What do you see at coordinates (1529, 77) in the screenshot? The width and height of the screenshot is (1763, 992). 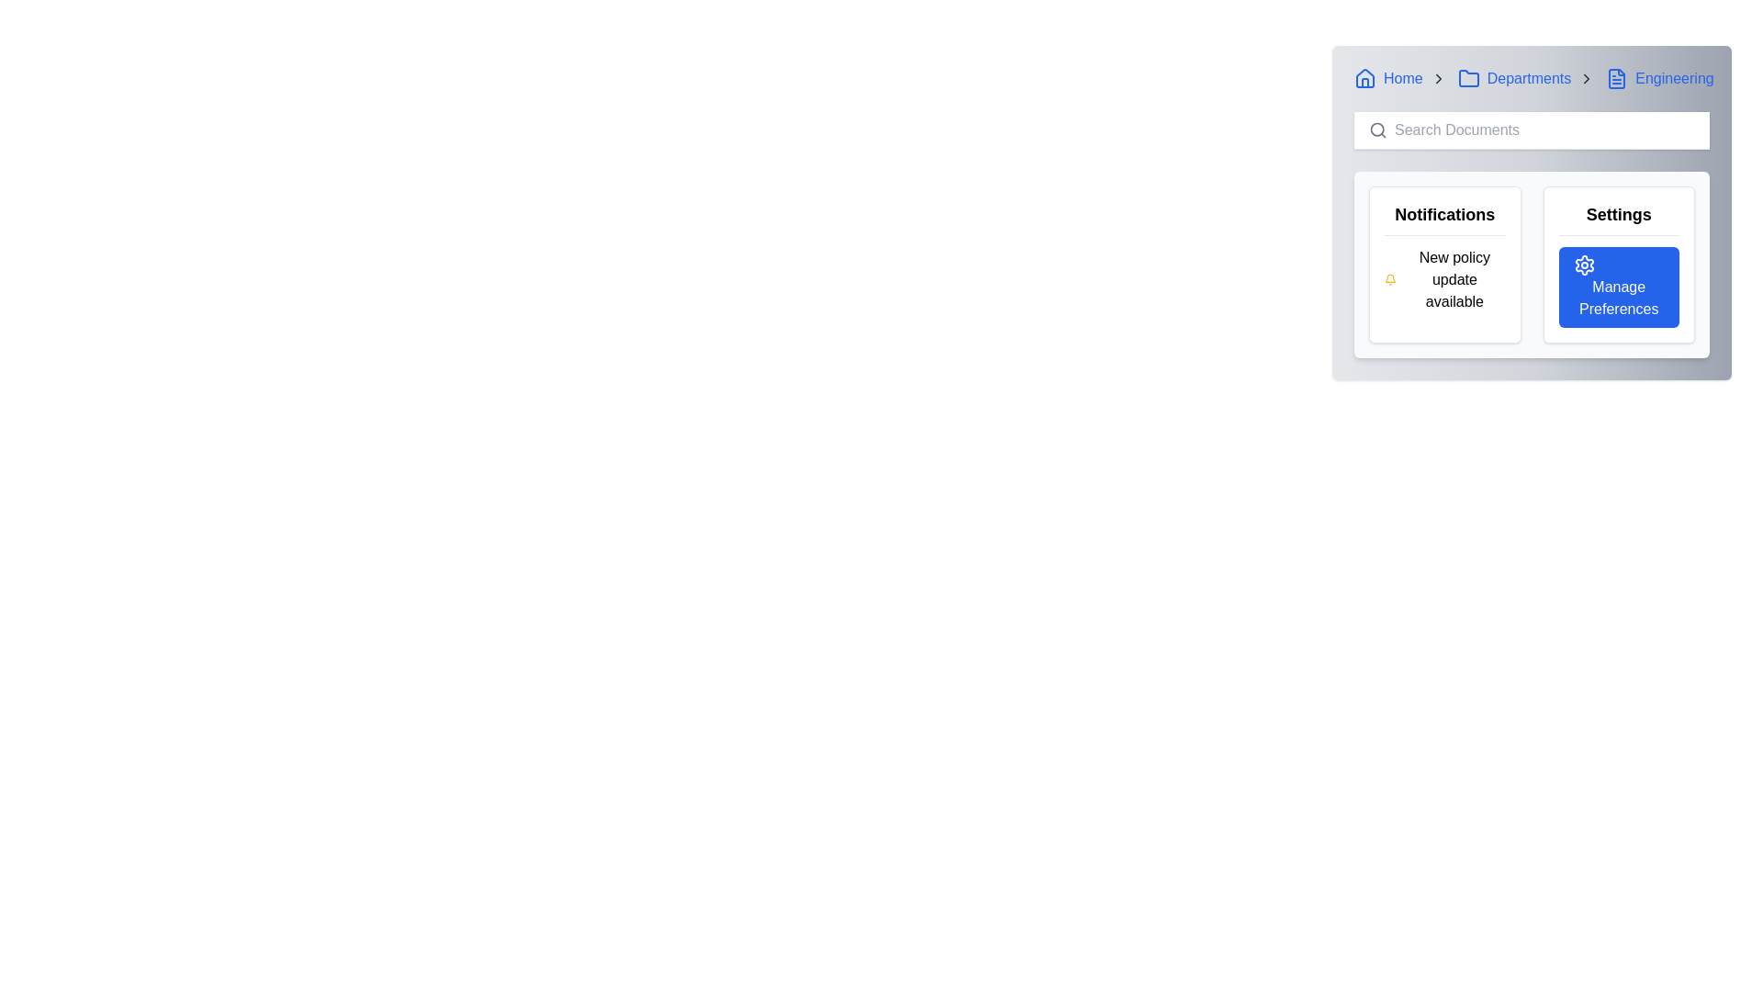 I see `the static text label reading 'Departments' in the breadcrumb navigation bar, which is styled with a medium-weight blue font and positioned to the right of the folder icon` at bounding box center [1529, 77].